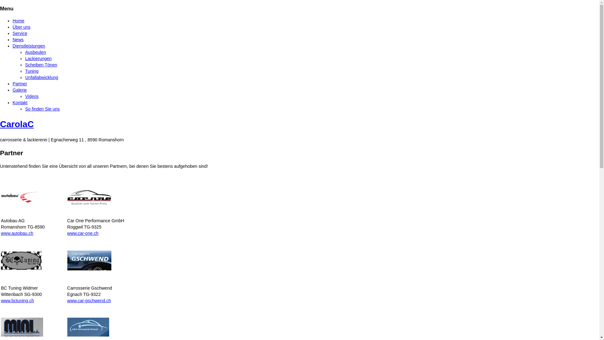 This screenshot has height=340, width=604. Describe the element at coordinates (28, 46) in the screenshot. I see `'Dienstleistungen'` at that location.